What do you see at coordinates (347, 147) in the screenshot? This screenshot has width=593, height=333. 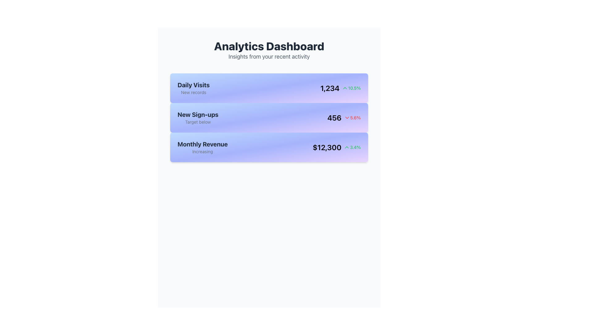 I see `the upward-pointing chevron icon with a green color stroke, located to the left of the text '3.4%' within the 'Monthly Revenue' card` at bounding box center [347, 147].